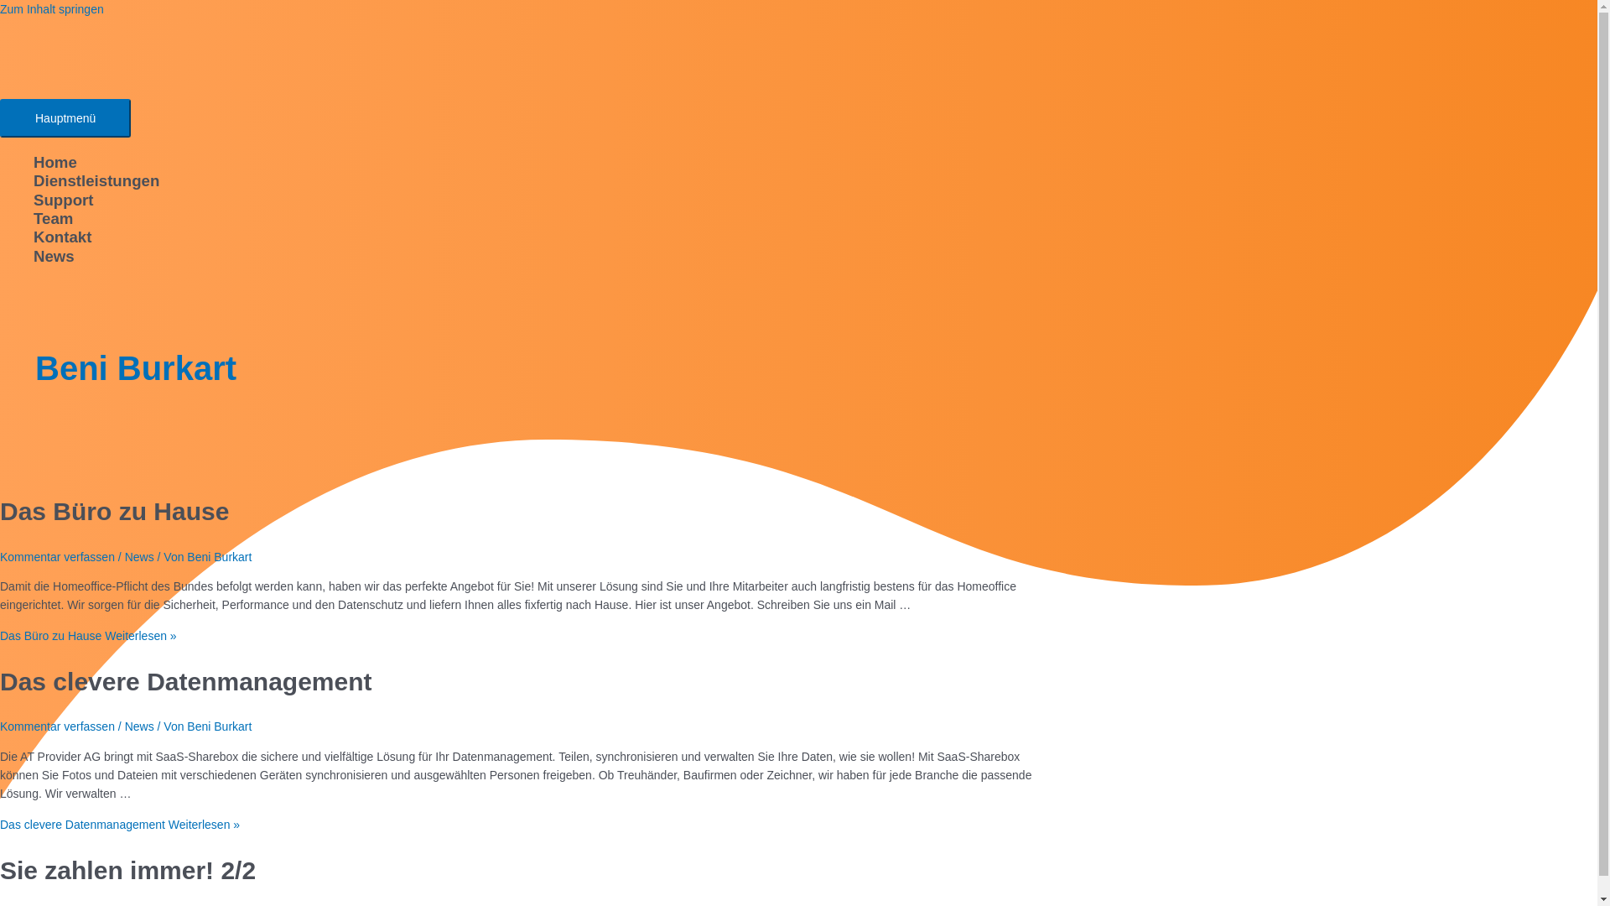 The image size is (1610, 906). I want to click on 'Sie zahlen immer! 2/2', so click(127, 869).